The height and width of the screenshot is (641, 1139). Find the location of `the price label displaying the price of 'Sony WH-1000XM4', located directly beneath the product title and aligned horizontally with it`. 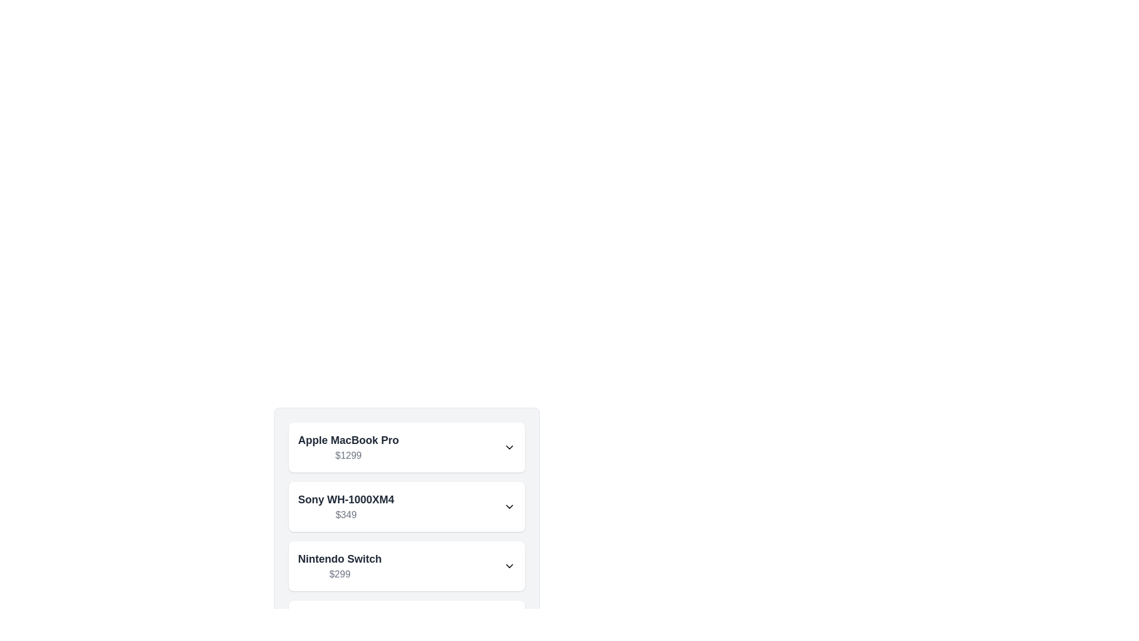

the price label displaying the price of 'Sony WH-1000XM4', located directly beneath the product title and aligned horizontally with it is located at coordinates (345, 514).